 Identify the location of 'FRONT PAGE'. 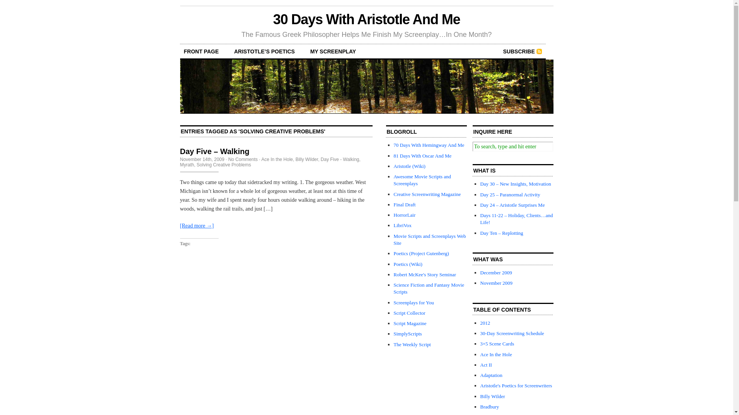
(201, 51).